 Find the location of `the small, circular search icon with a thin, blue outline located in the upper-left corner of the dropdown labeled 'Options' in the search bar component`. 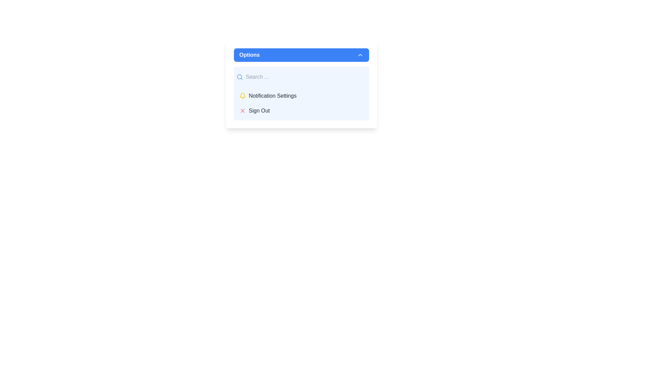

the small, circular search icon with a thin, blue outline located in the upper-left corner of the dropdown labeled 'Options' in the search bar component is located at coordinates (240, 76).